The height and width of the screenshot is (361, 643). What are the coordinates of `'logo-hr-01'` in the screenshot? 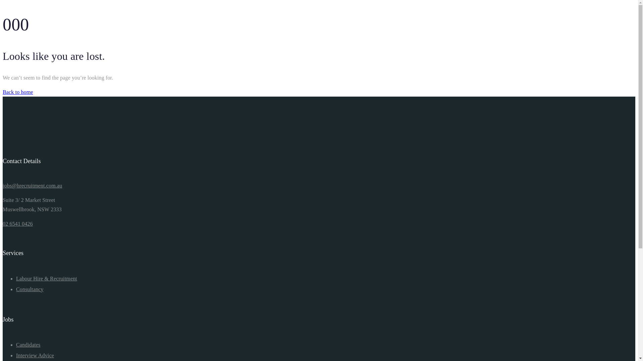 It's located at (36, 134).